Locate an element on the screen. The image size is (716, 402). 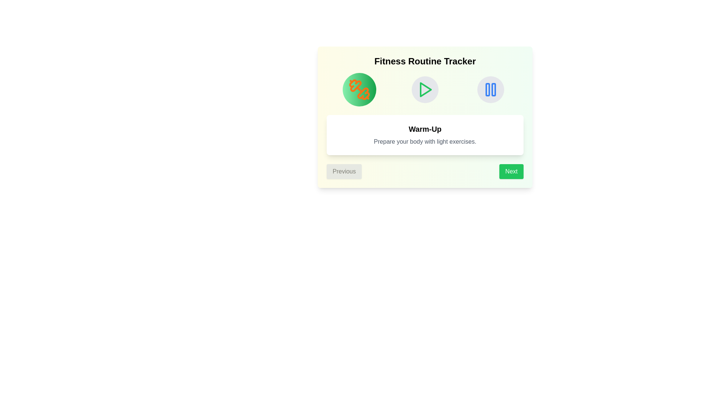
the Next button to navigate through the steps is located at coordinates (511, 172).